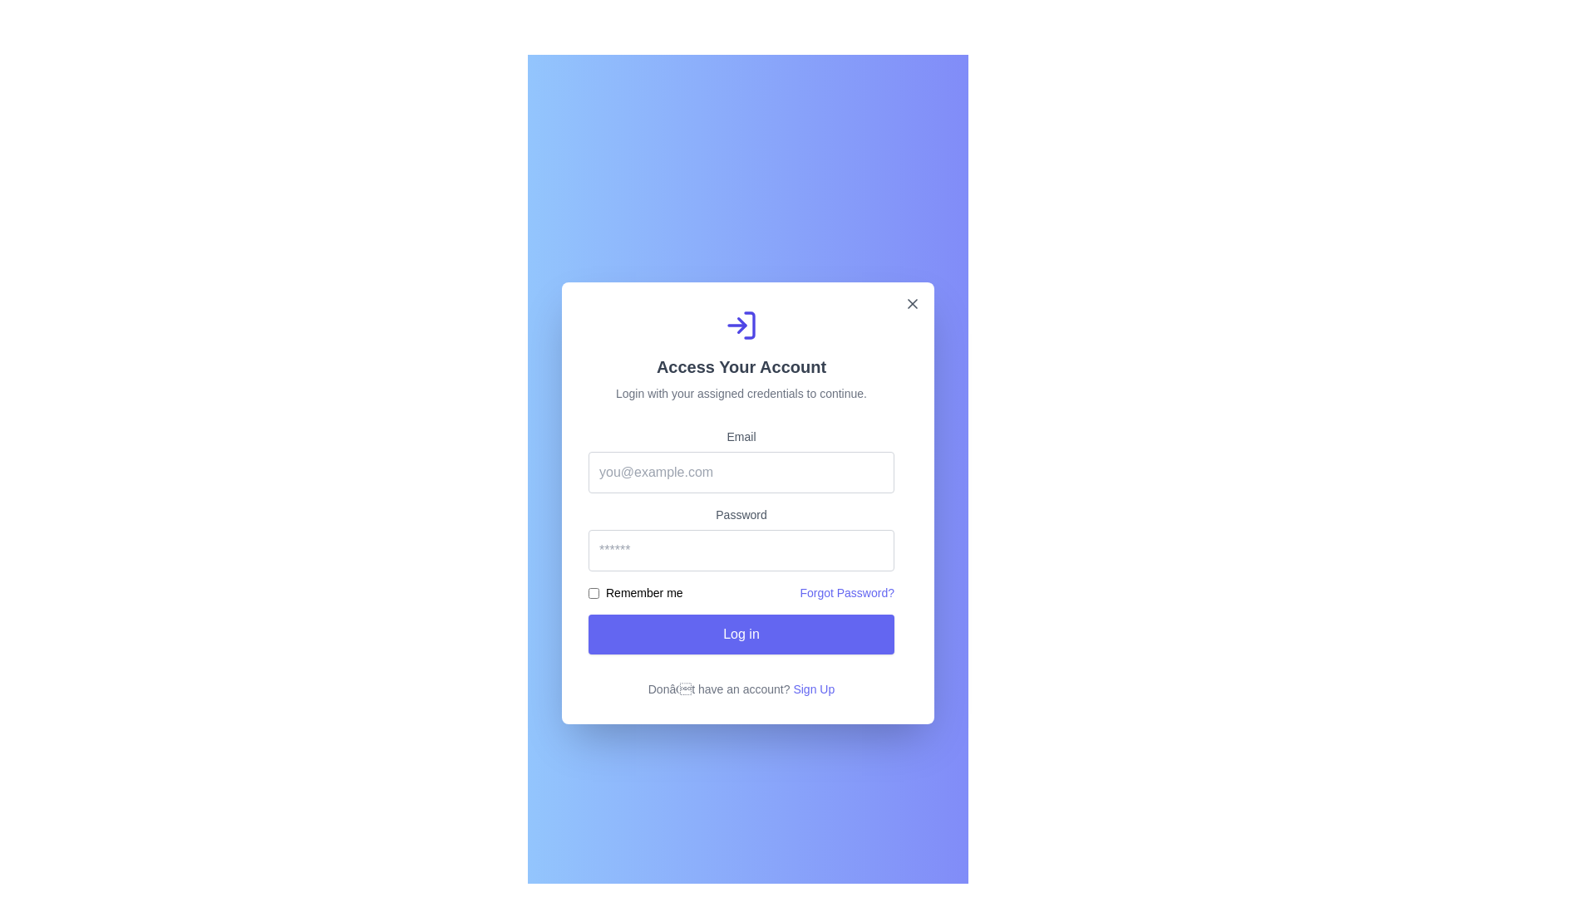 This screenshot has width=1596, height=897. What do you see at coordinates (749, 326) in the screenshot?
I see `the vertical rectangular purple line that is part of the login or keyhole icon, located at the rightmost part of the icon above 'Access Your Account'` at bounding box center [749, 326].